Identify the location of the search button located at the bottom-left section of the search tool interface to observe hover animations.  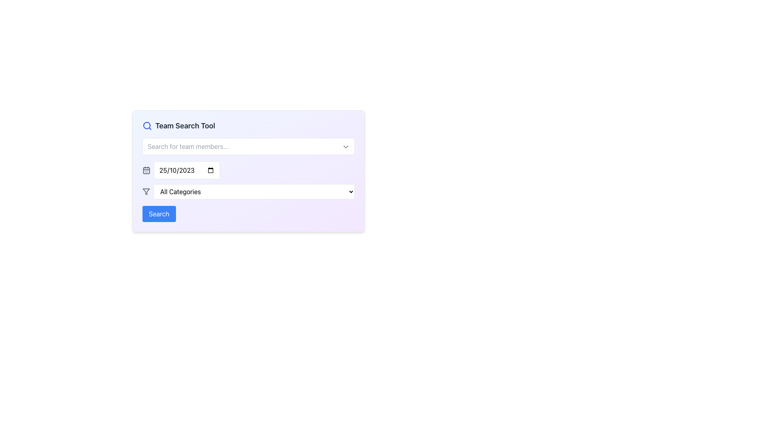
(159, 213).